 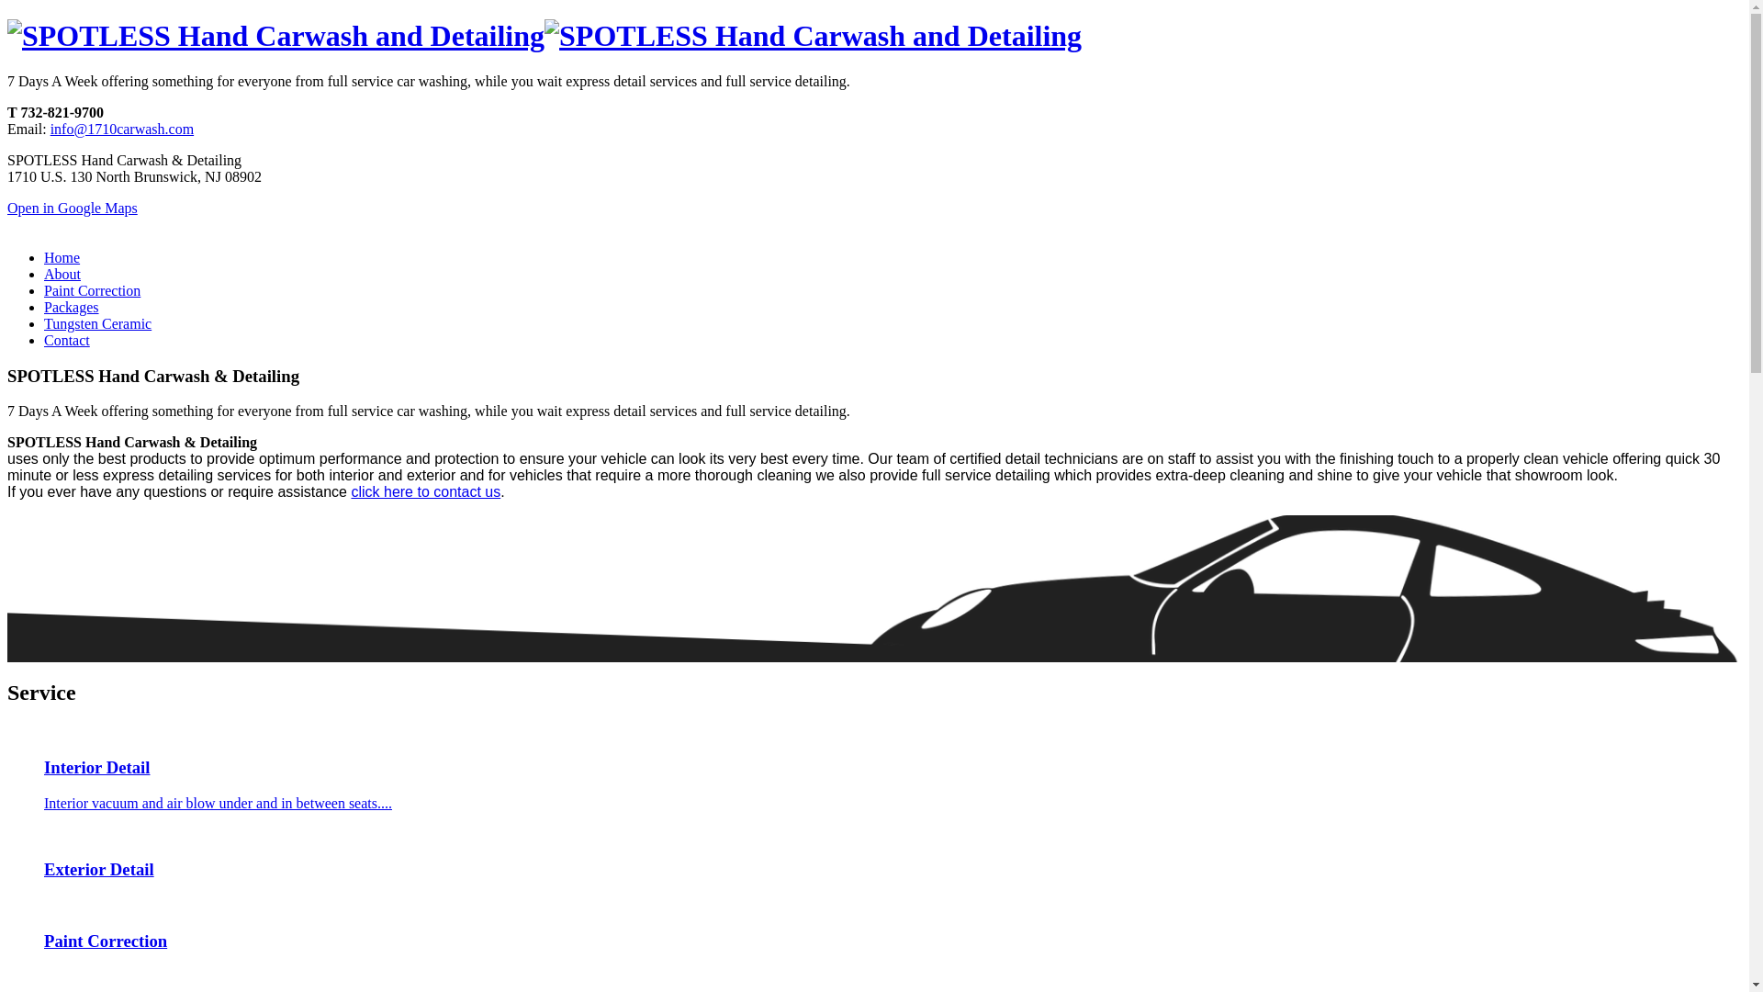 I want to click on 'About', so click(x=44, y=274).